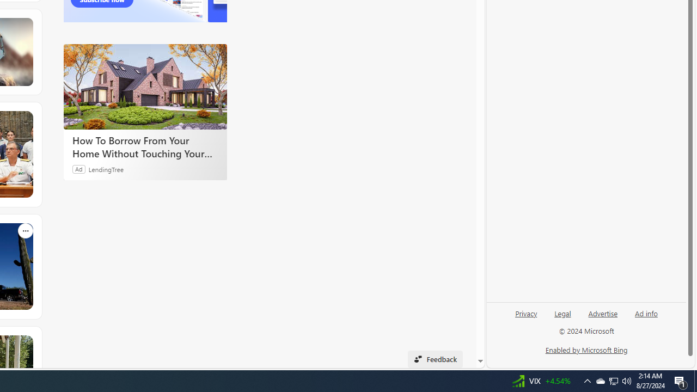 The height and width of the screenshot is (392, 697). Describe the element at coordinates (646, 313) in the screenshot. I see `'Ad info'` at that location.